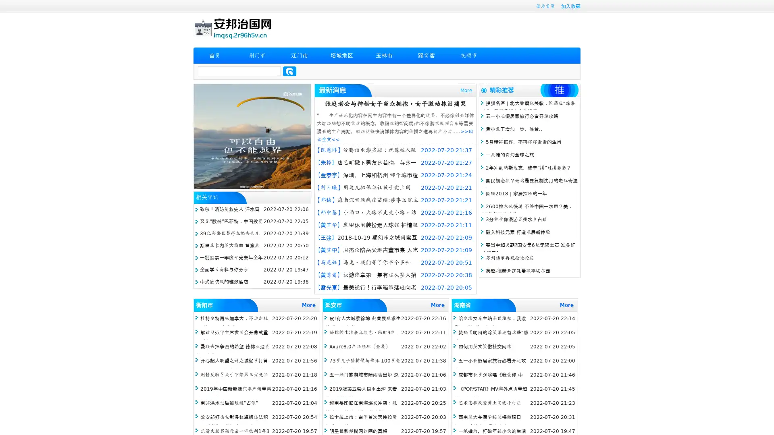 This screenshot has height=435, width=774. Describe the element at coordinates (289, 71) in the screenshot. I see `Search` at that location.